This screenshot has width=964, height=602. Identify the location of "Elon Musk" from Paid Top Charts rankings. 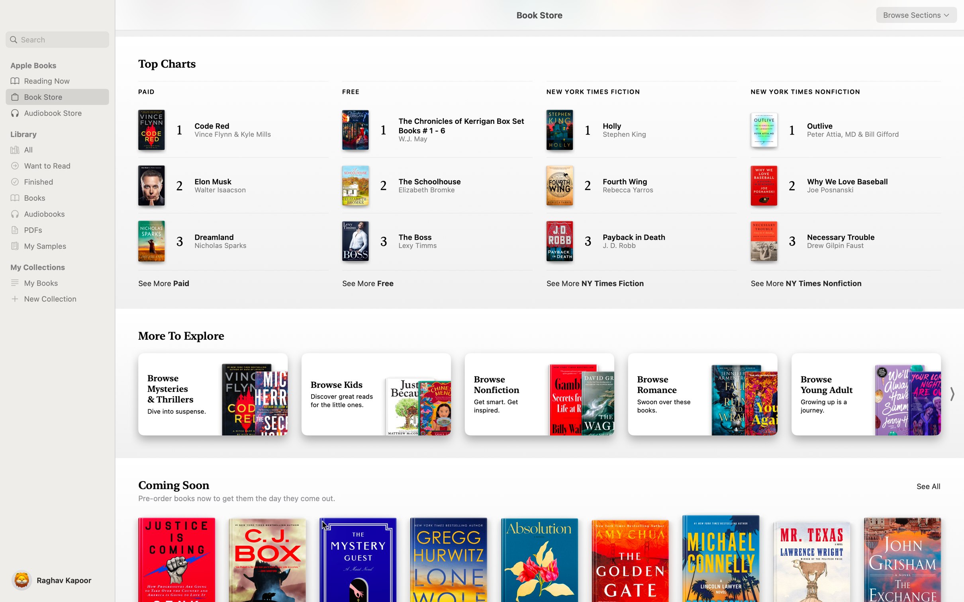
(225, 187).